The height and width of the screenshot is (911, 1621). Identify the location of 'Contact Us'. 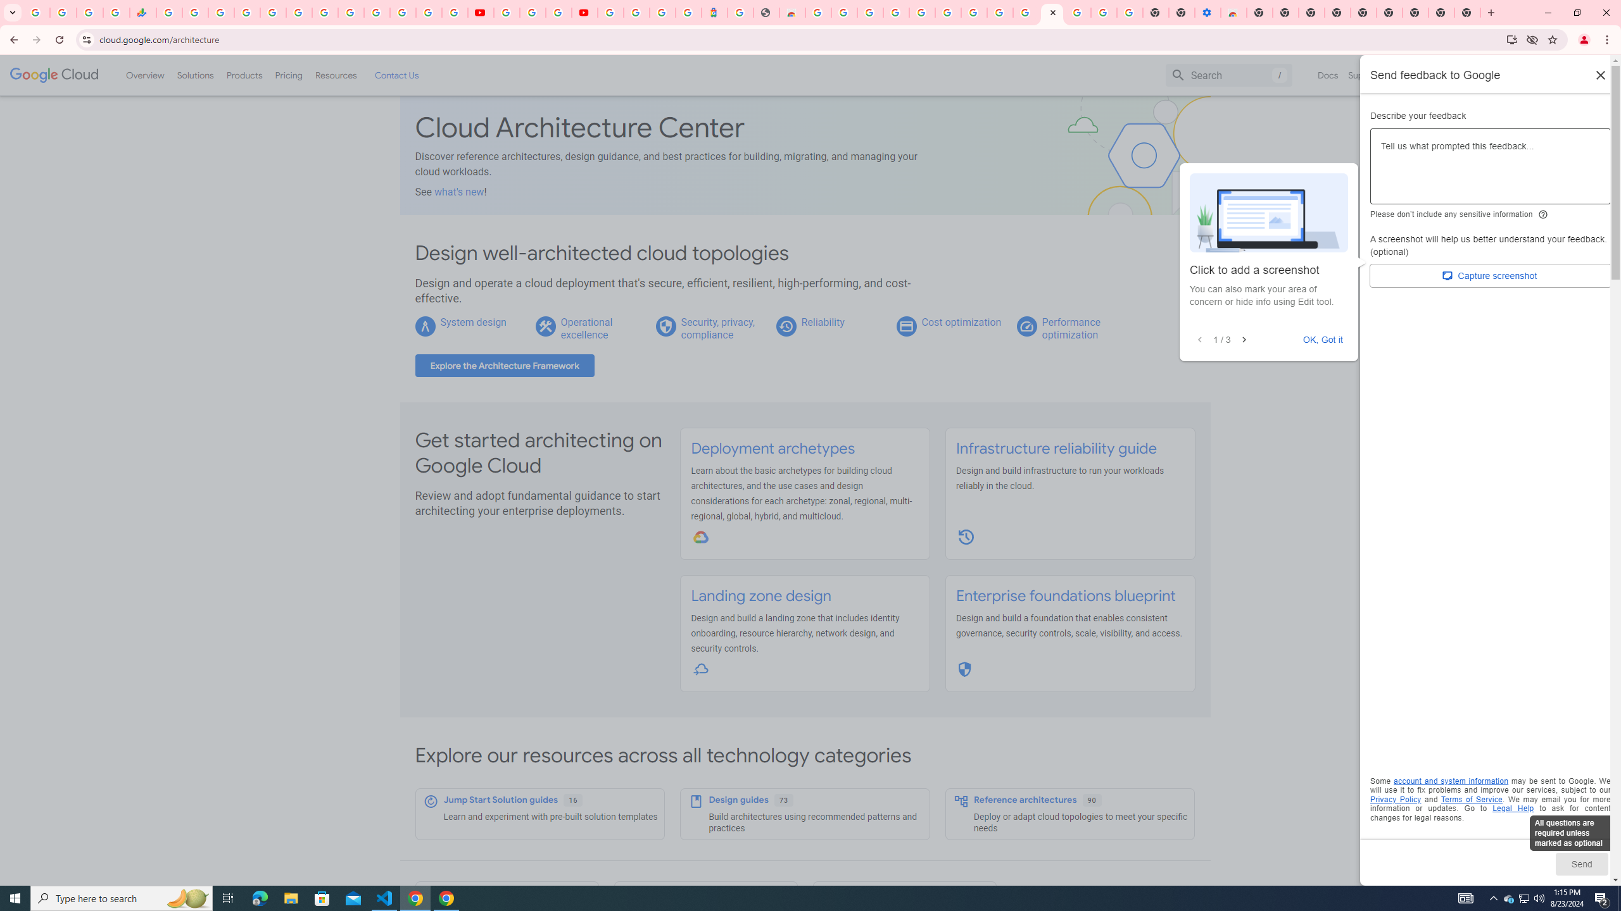
(395, 75).